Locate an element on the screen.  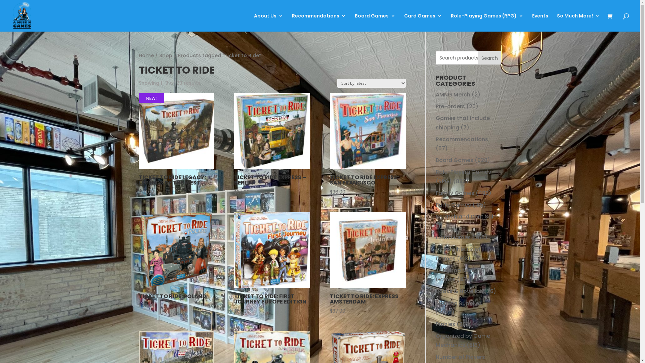
'Books & Novellas' is located at coordinates (459, 291).